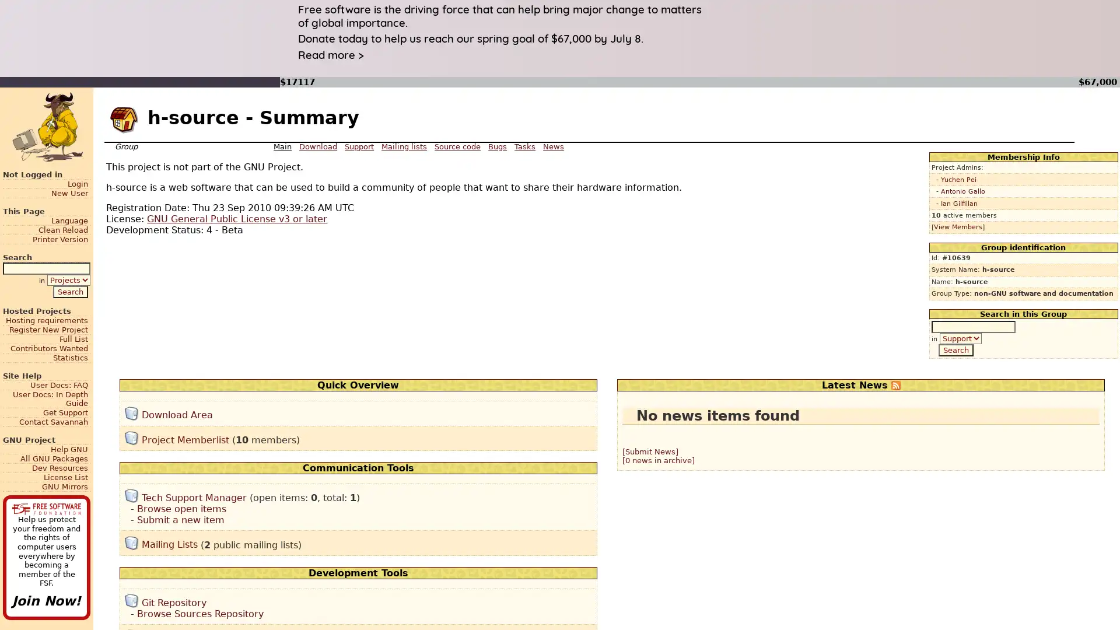 Image resolution: width=1120 pixels, height=630 pixels. Describe the element at coordinates (955, 349) in the screenshot. I see `Search` at that location.